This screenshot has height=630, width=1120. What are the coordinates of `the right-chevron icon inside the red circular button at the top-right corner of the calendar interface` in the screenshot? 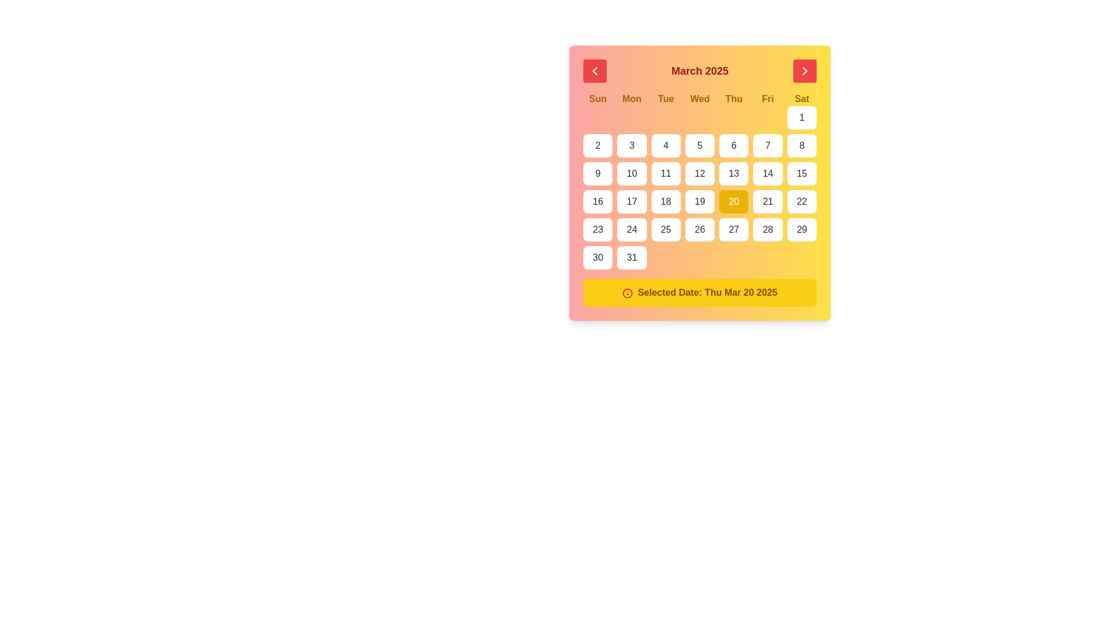 It's located at (804, 71).